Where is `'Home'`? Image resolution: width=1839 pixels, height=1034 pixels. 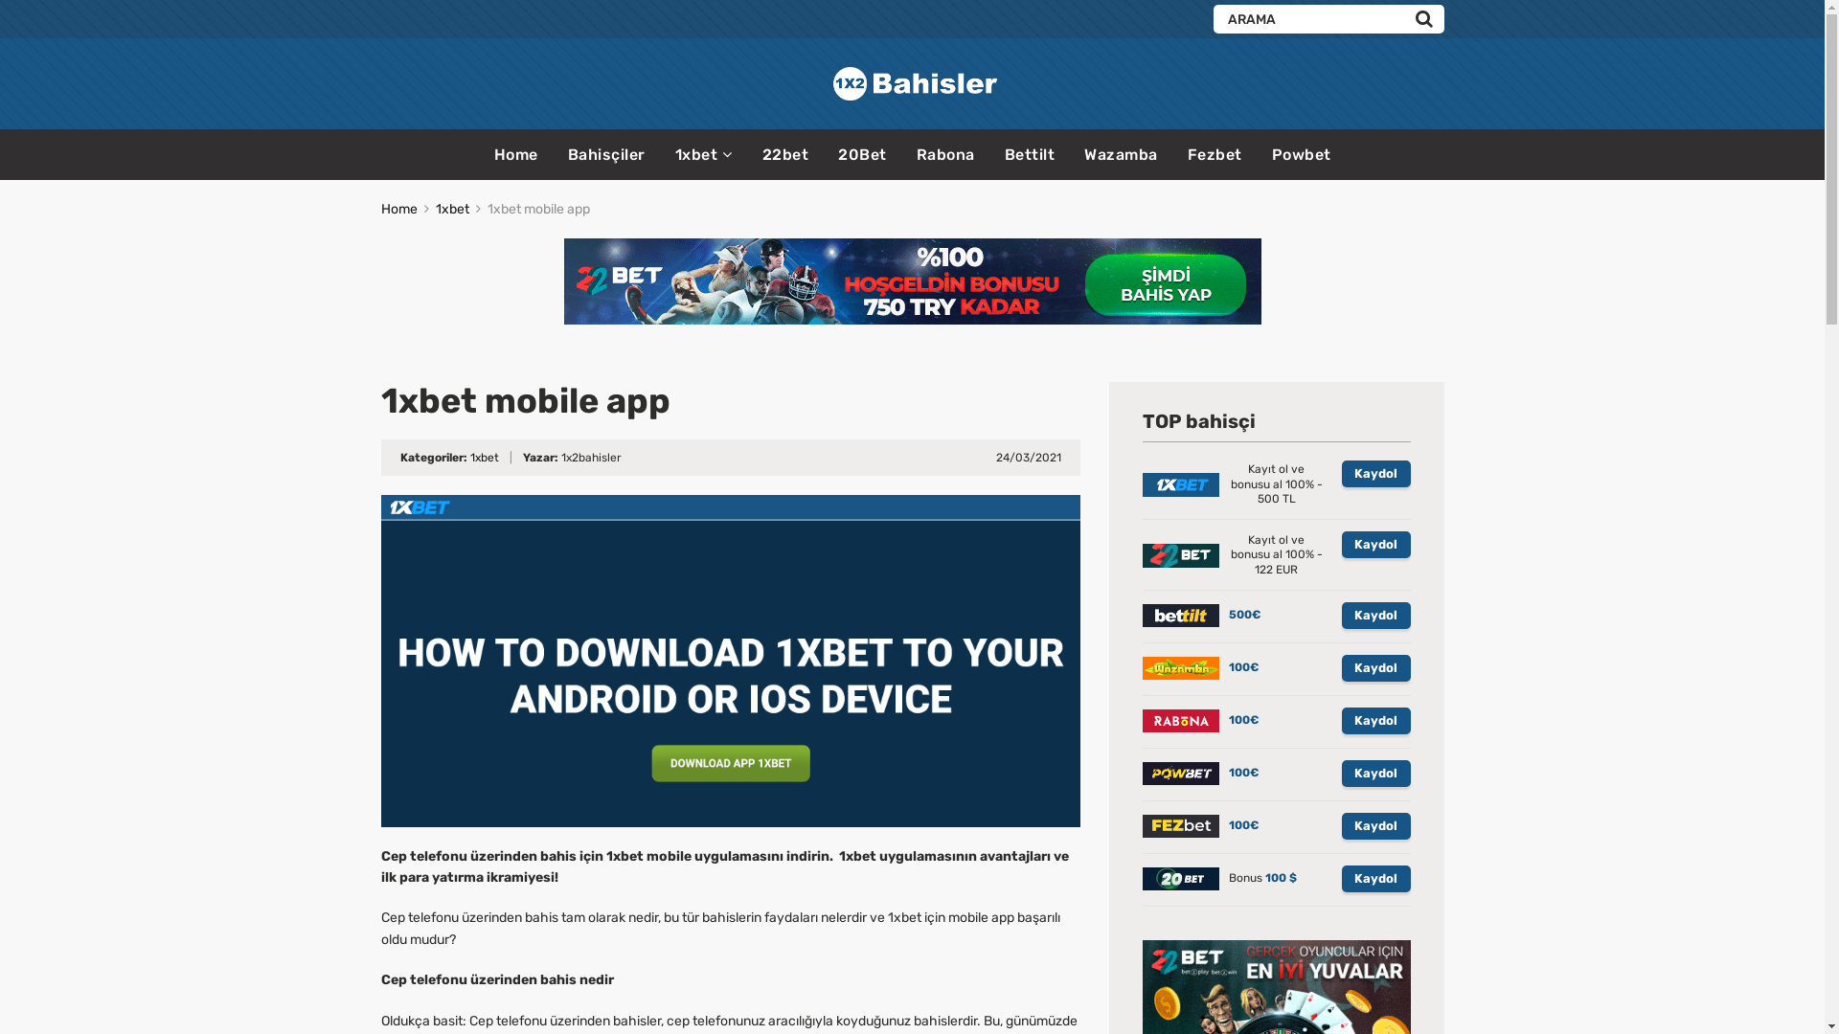
'Home' is located at coordinates (381, 209).